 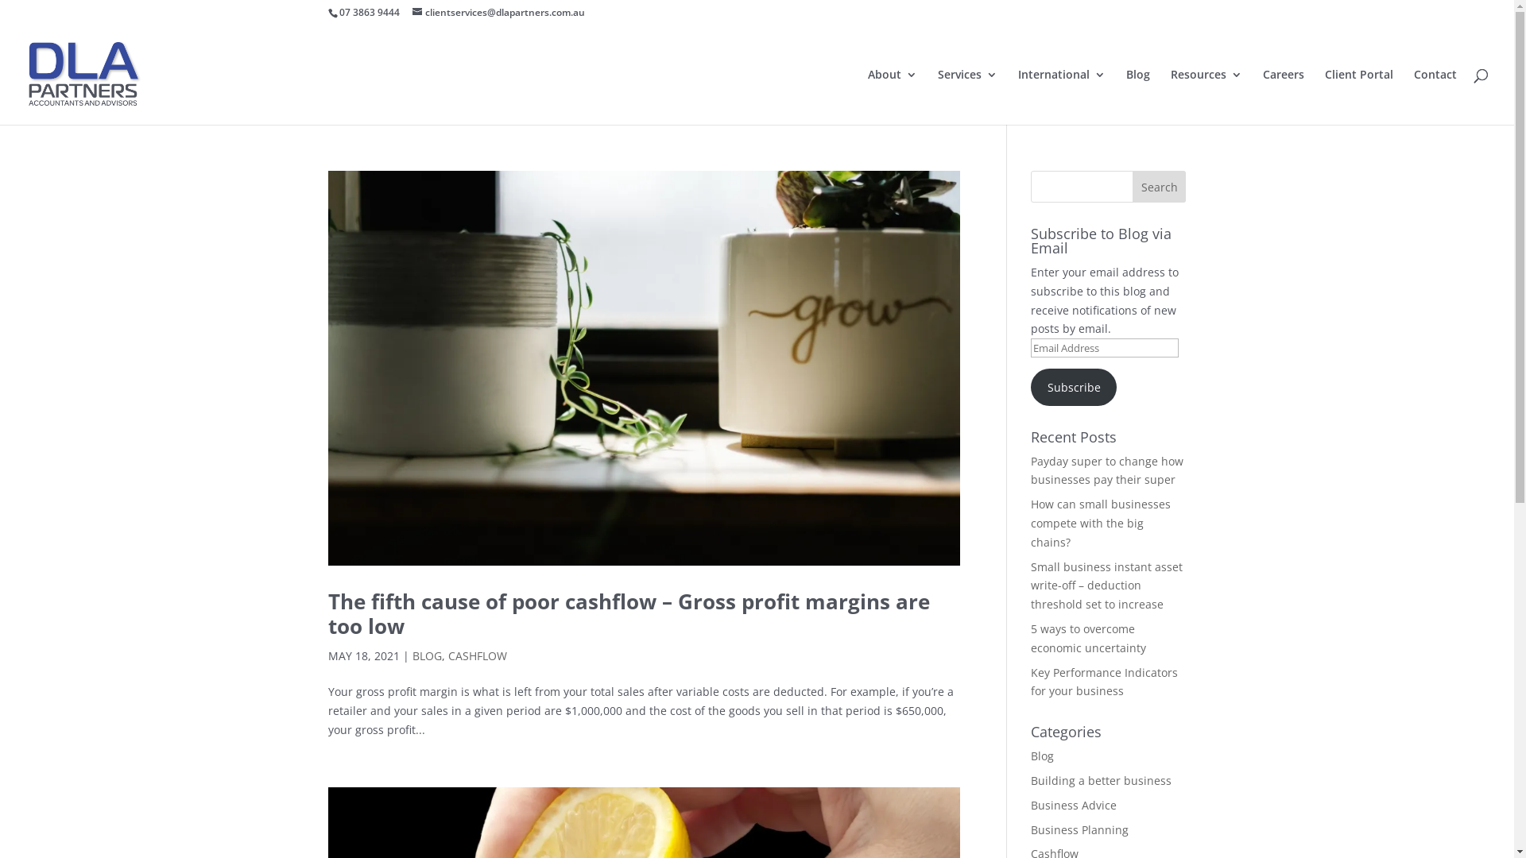 I want to click on 'clientservices@dlapartners.com.au', so click(x=497, y=12).